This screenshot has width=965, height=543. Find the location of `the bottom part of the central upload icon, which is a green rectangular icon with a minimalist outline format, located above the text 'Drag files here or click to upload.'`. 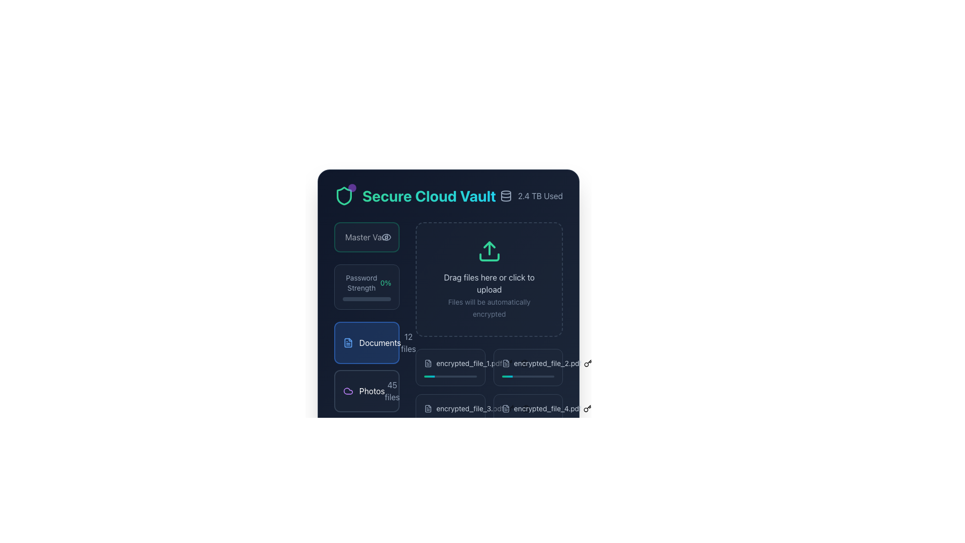

the bottom part of the central upload icon, which is a green rectangular icon with a minimalist outline format, located above the text 'Drag files here or click to upload.' is located at coordinates (489, 257).